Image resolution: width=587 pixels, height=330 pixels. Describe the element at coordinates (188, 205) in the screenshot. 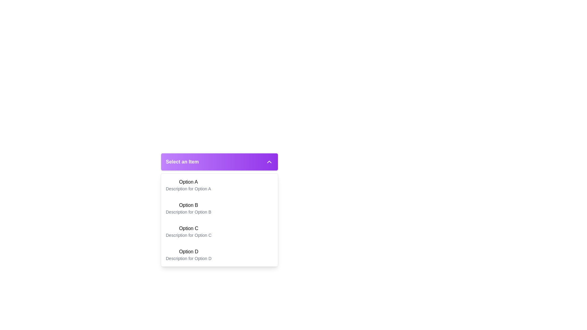

I see `the text label for the second option in the dropdown menu, which is located between 'Option A' and 'Description for Option B'` at that location.